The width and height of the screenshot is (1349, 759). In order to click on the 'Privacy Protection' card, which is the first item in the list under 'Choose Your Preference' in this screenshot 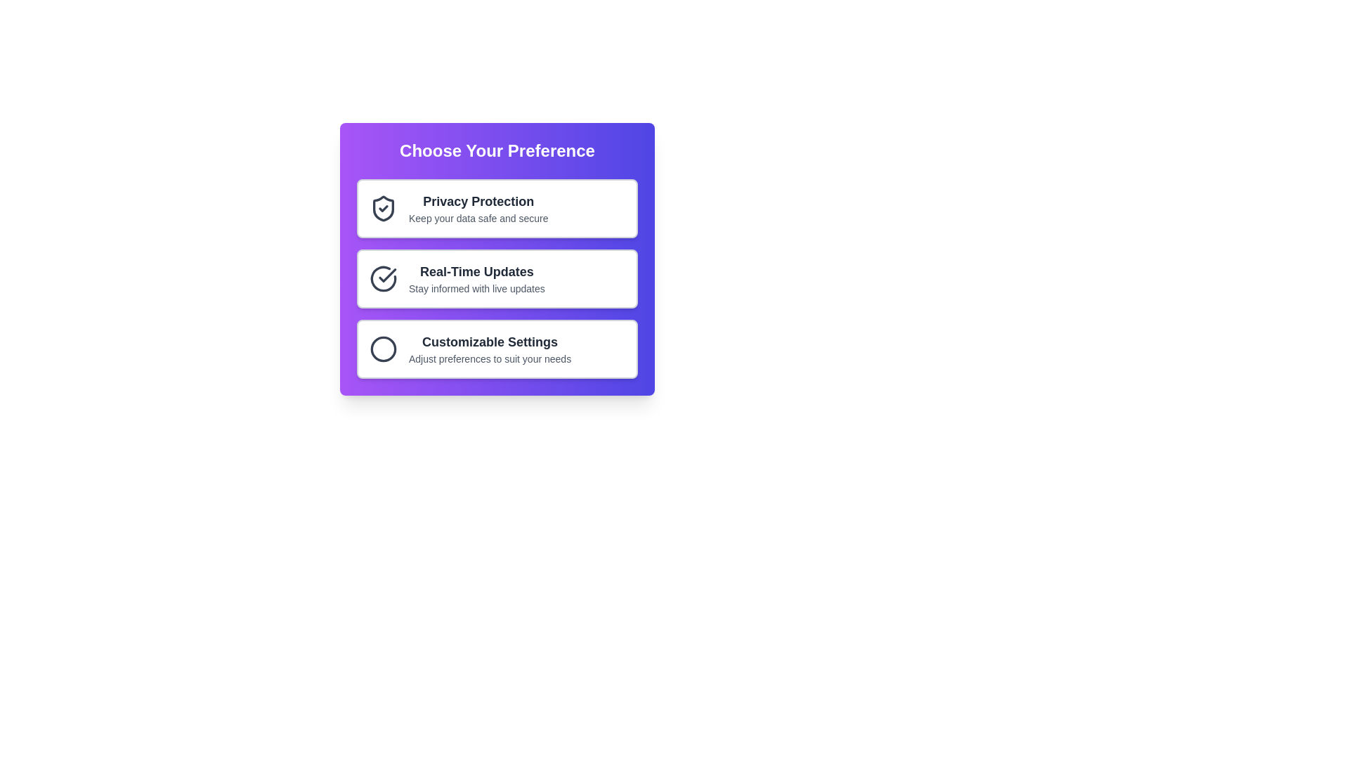, I will do `click(497, 209)`.